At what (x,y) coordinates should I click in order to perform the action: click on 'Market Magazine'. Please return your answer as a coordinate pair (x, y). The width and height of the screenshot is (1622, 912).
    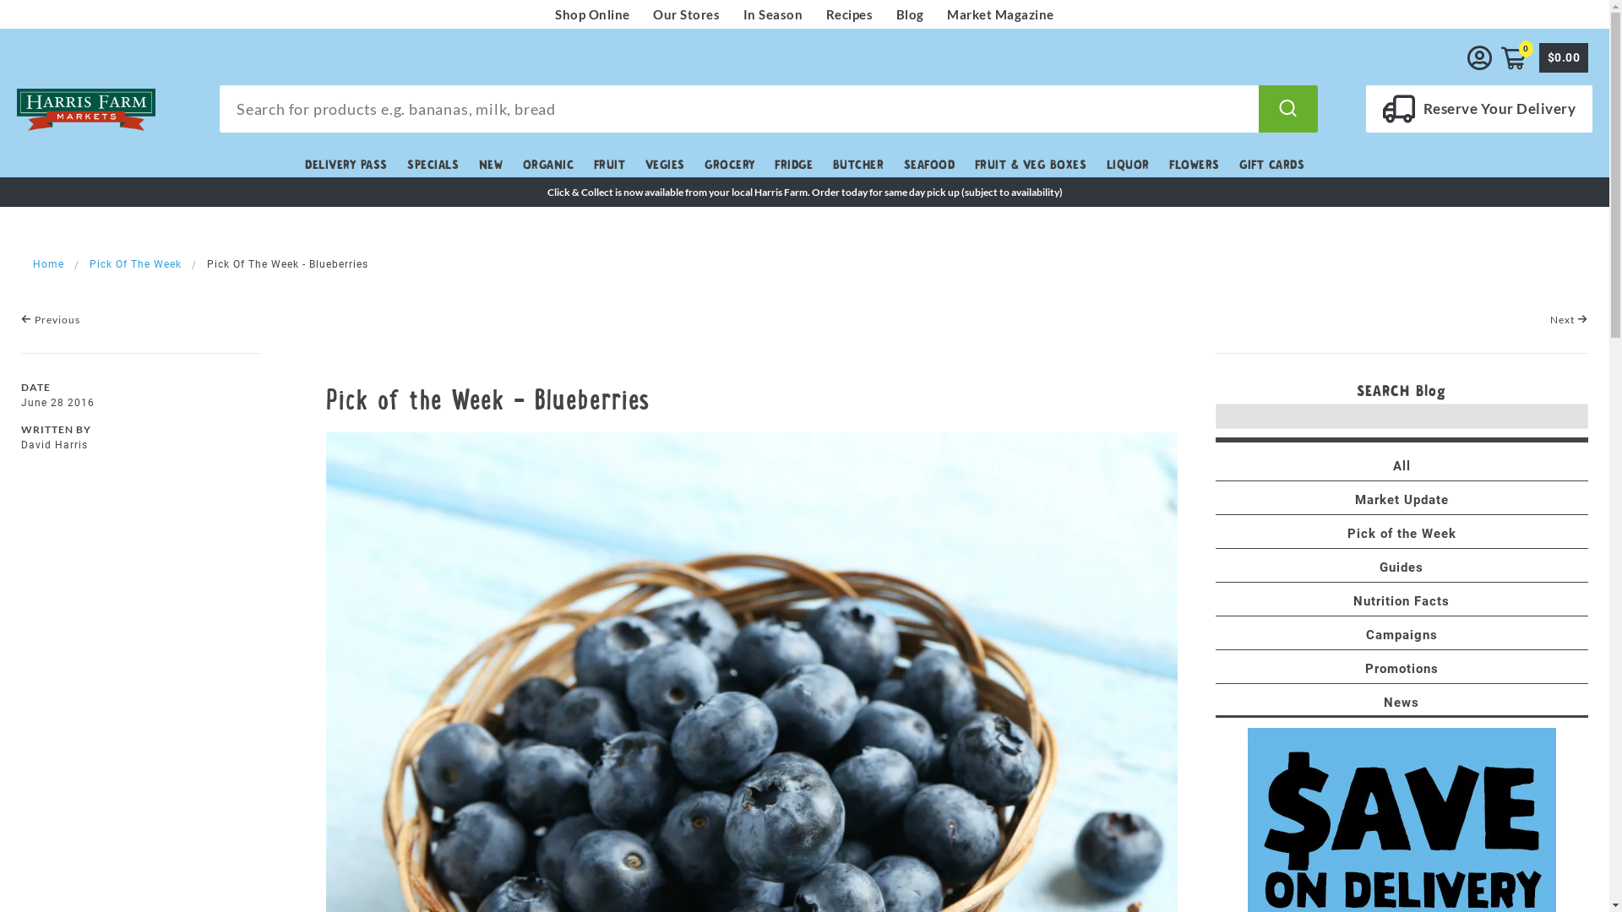
    Looking at the image, I should click on (1000, 14).